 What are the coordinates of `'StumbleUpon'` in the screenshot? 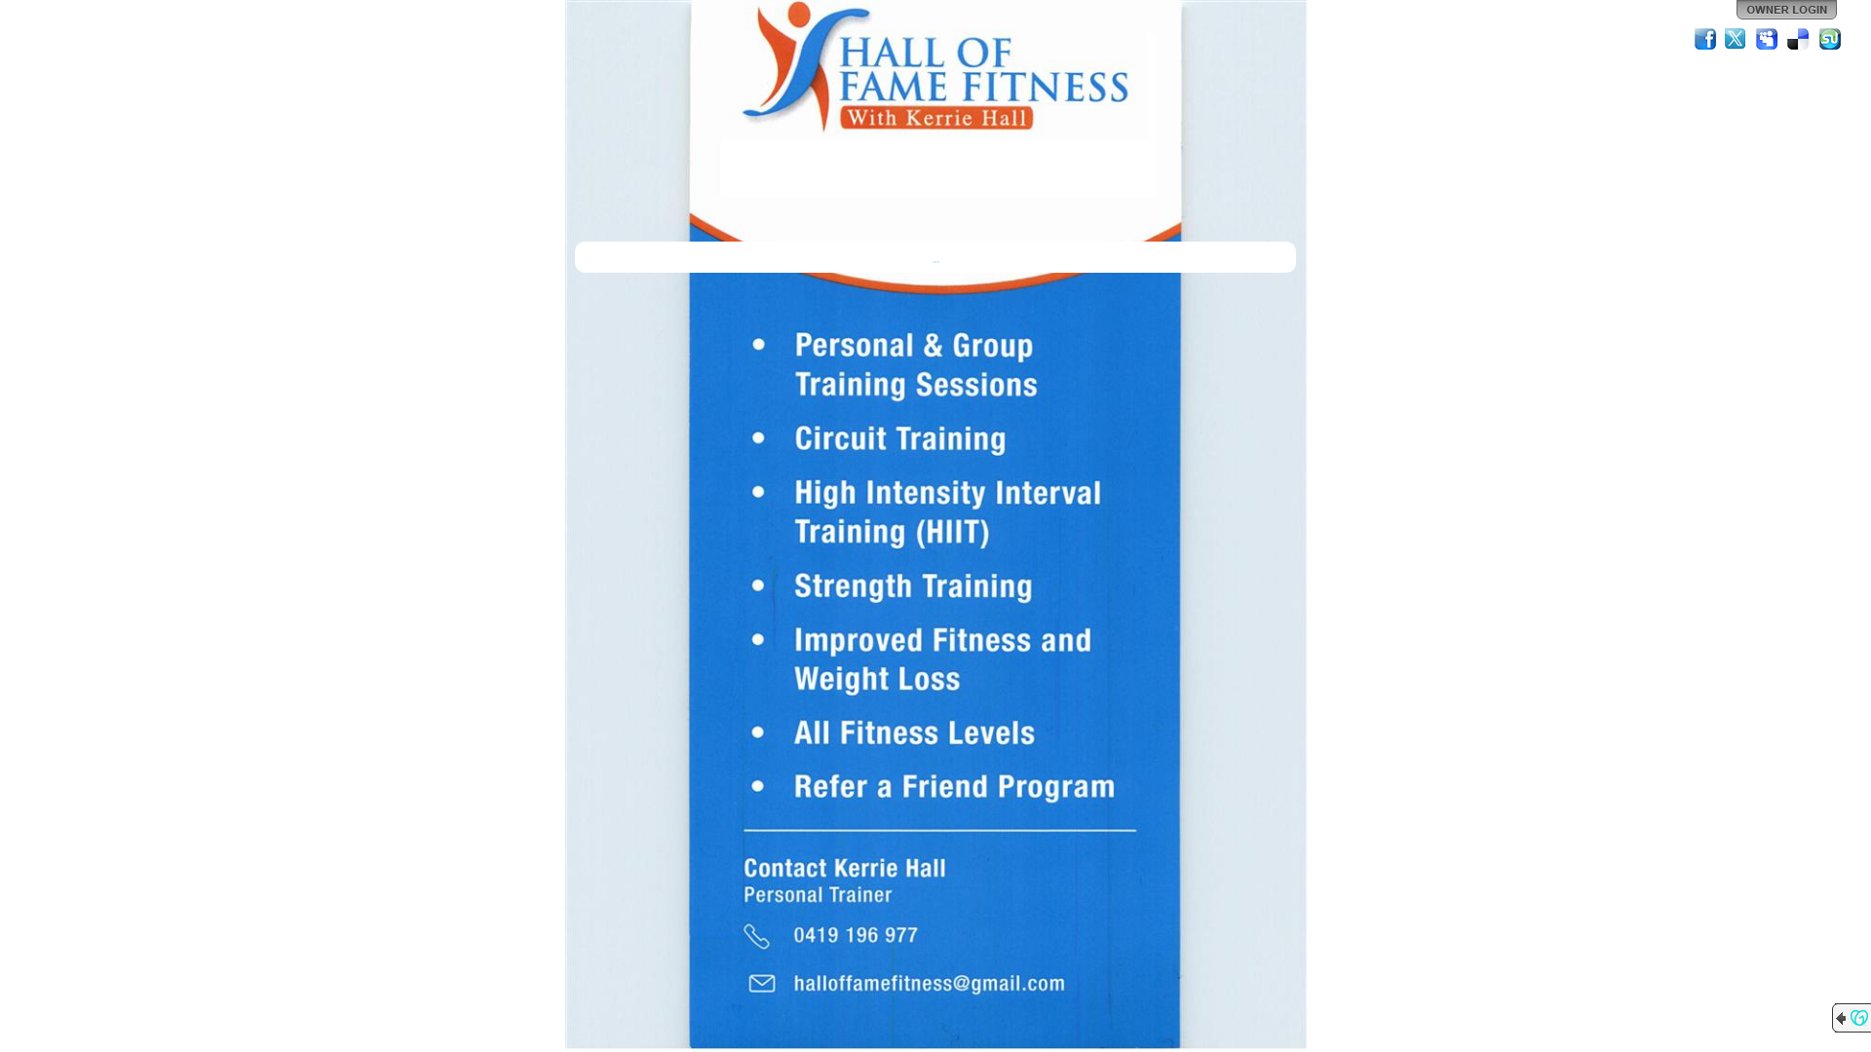 It's located at (1828, 38).